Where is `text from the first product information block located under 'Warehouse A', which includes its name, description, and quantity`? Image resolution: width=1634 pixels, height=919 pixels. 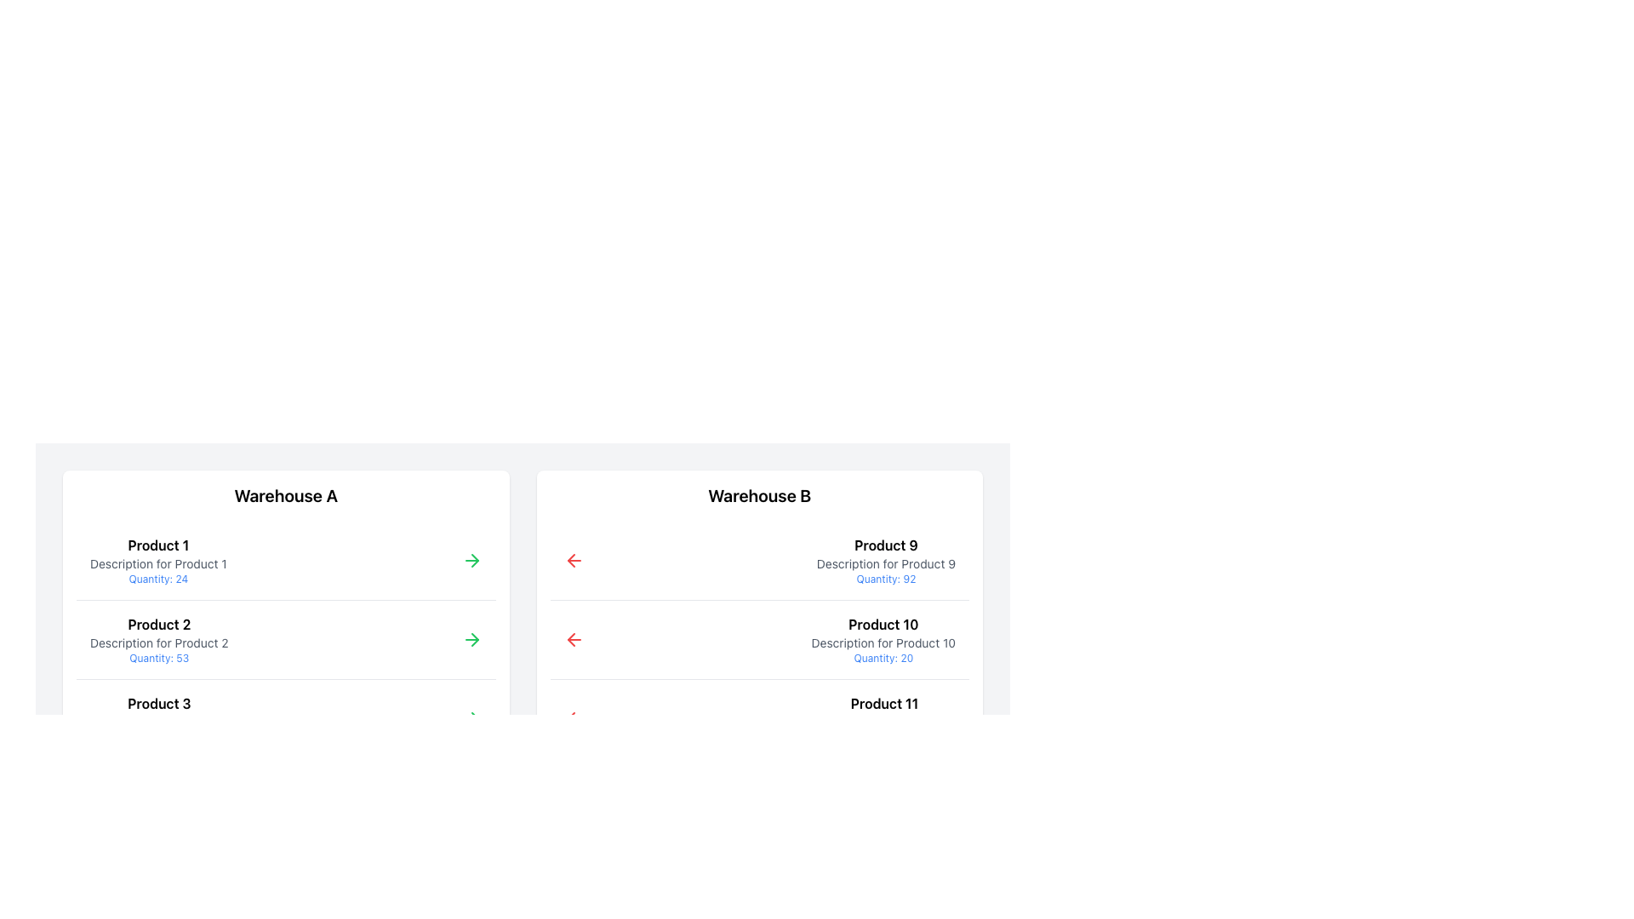
text from the first product information block located under 'Warehouse A', which includes its name, description, and quantity is located at coordinates (158, 561).